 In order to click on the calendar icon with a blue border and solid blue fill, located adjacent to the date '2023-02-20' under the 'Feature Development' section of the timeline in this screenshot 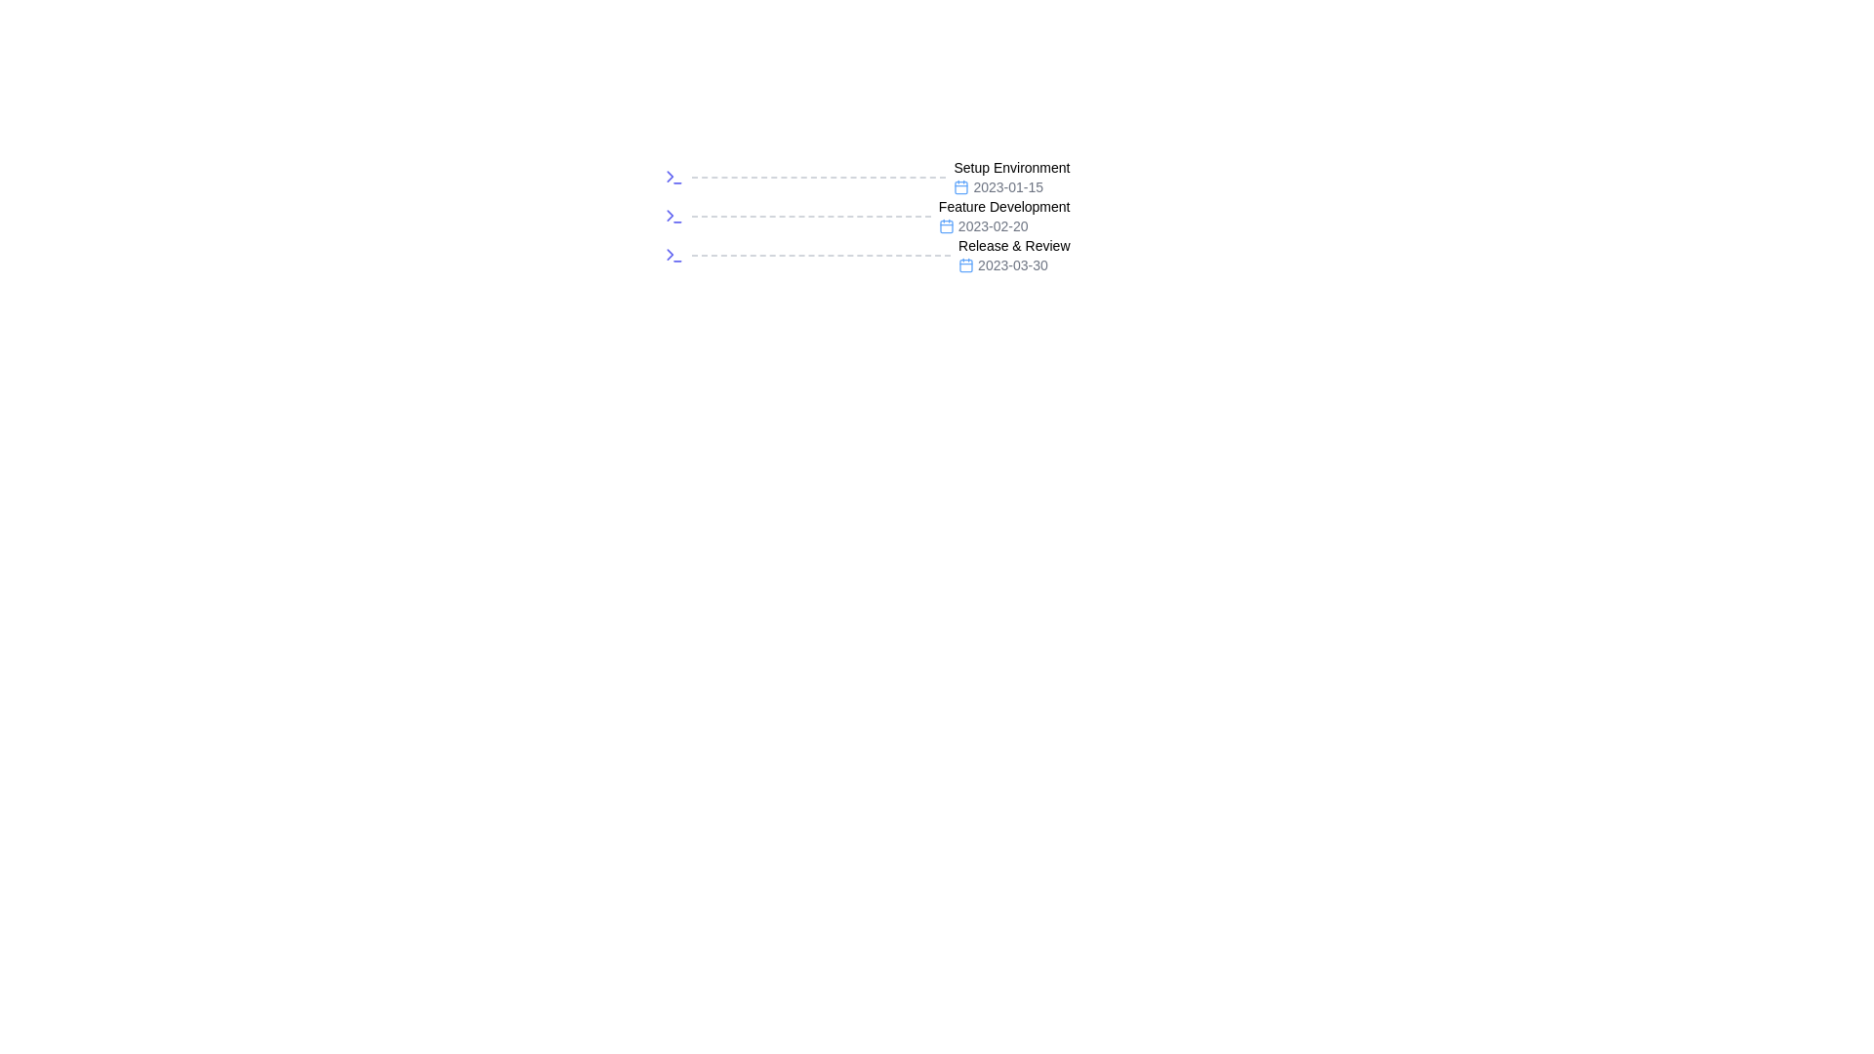, I will do `click(946, 225)`.